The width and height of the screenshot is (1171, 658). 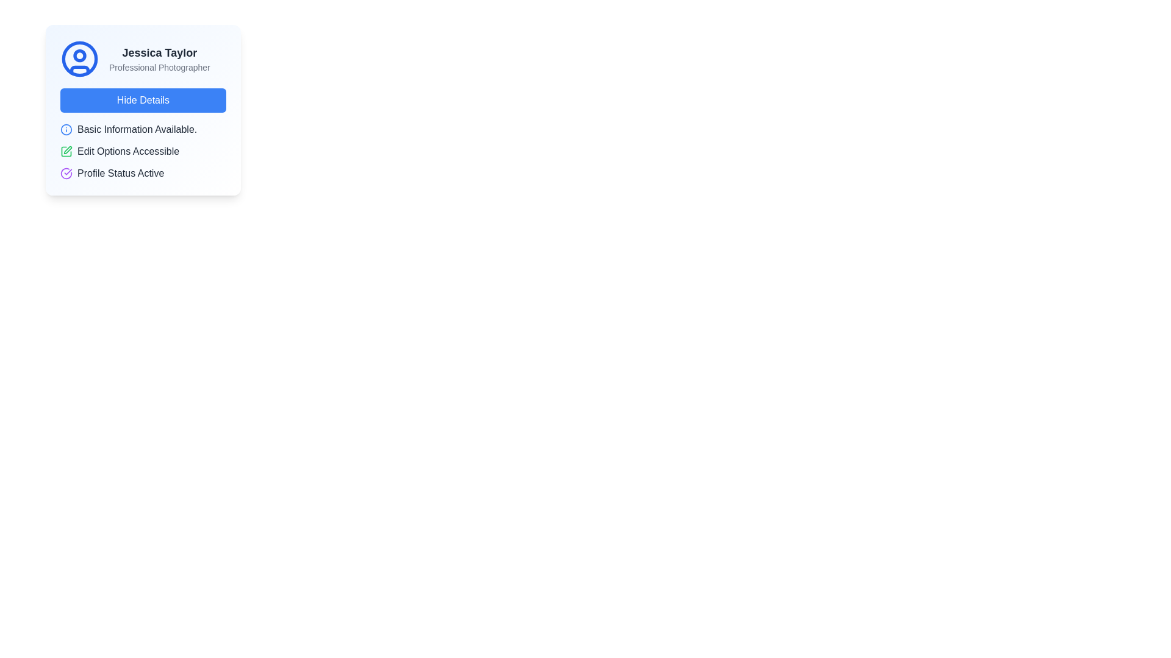 What do you see at coordinates (143, 110) in the screenshot?
I see `the 'Hide Details' button located at the bottom of the UI Card Element featuring a circular blue user icon and text 'Jessica Taylor'` at bounding box center [143, 110].